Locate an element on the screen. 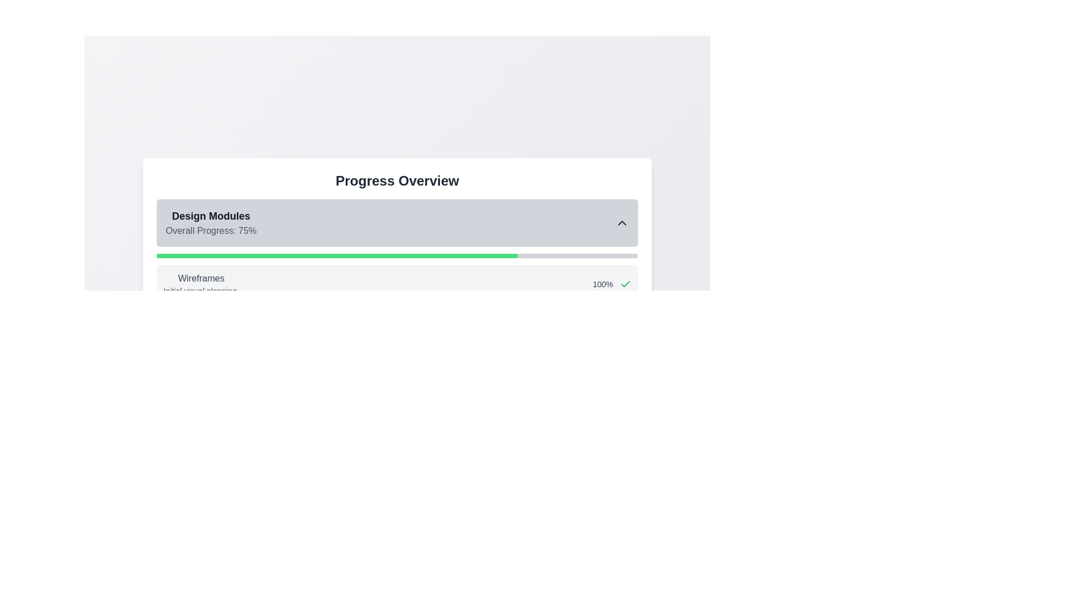  the sub-segments of the 'Design Modules' progress tracker is located at coordinates (397, 273).